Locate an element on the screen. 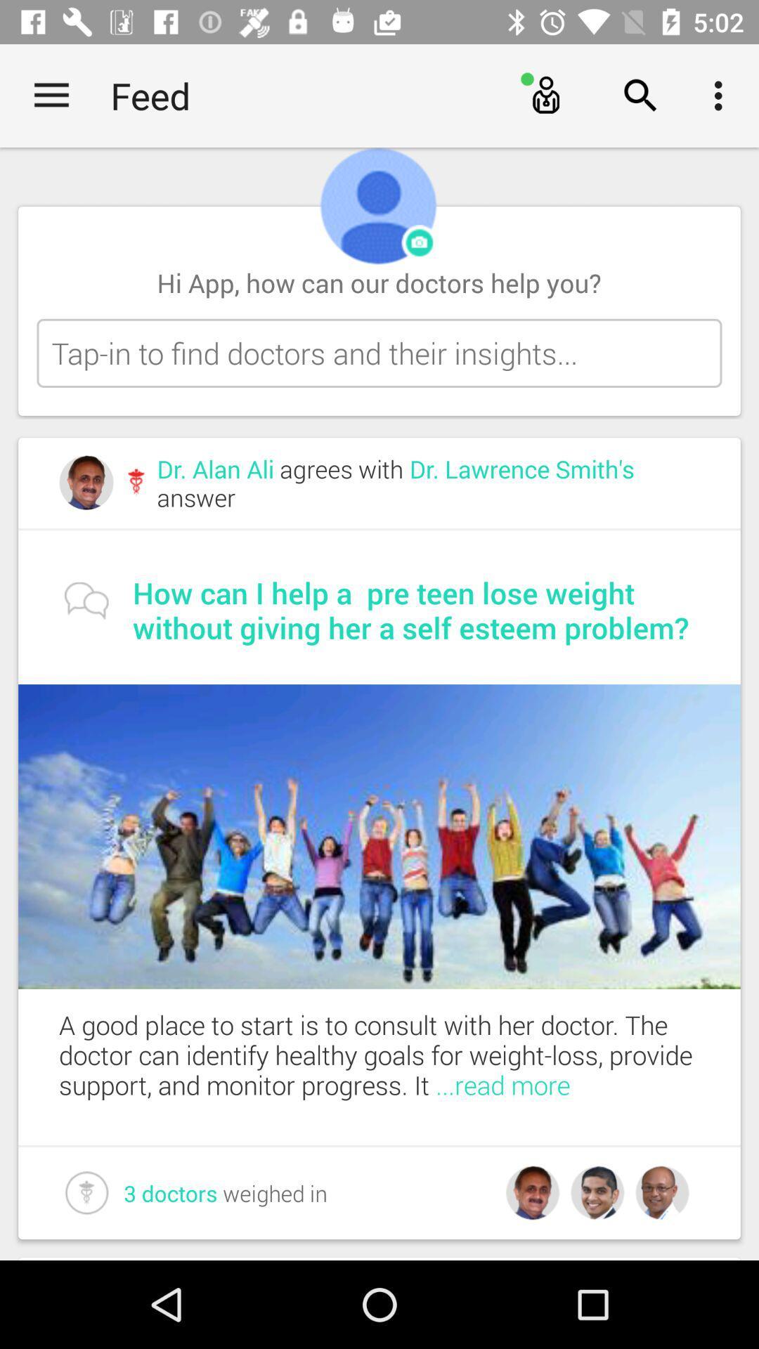 Image resolution: width=759 pixels, height=1349 pixels. search for doctors and their insights is located at coordinates (379, 353).